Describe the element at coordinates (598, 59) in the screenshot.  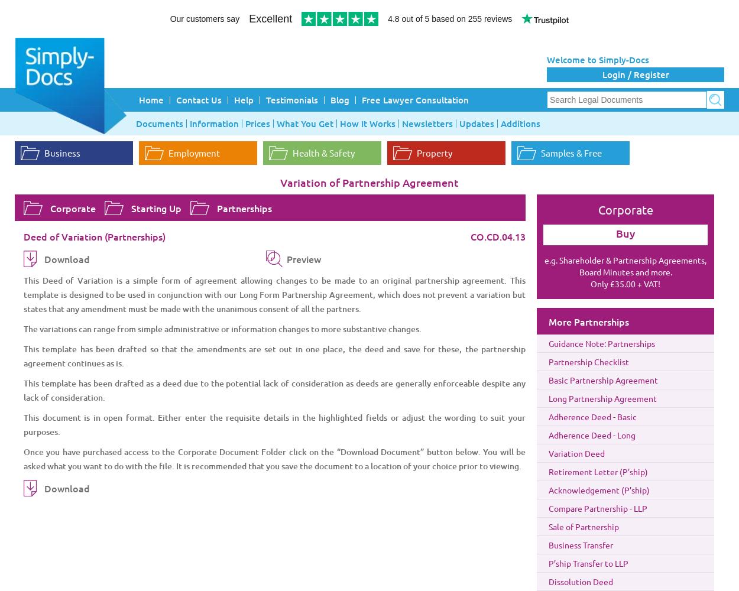
I see `'Welcome to Simply-Docs'` at that location.